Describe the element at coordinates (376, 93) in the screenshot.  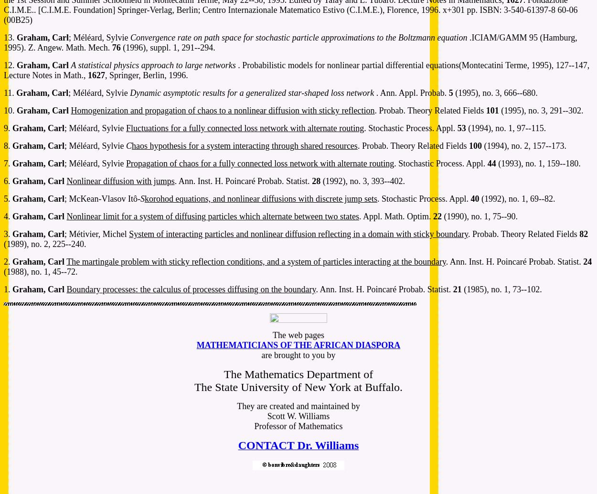
I see `'. Ann. Appl. Probab.'` at that location.